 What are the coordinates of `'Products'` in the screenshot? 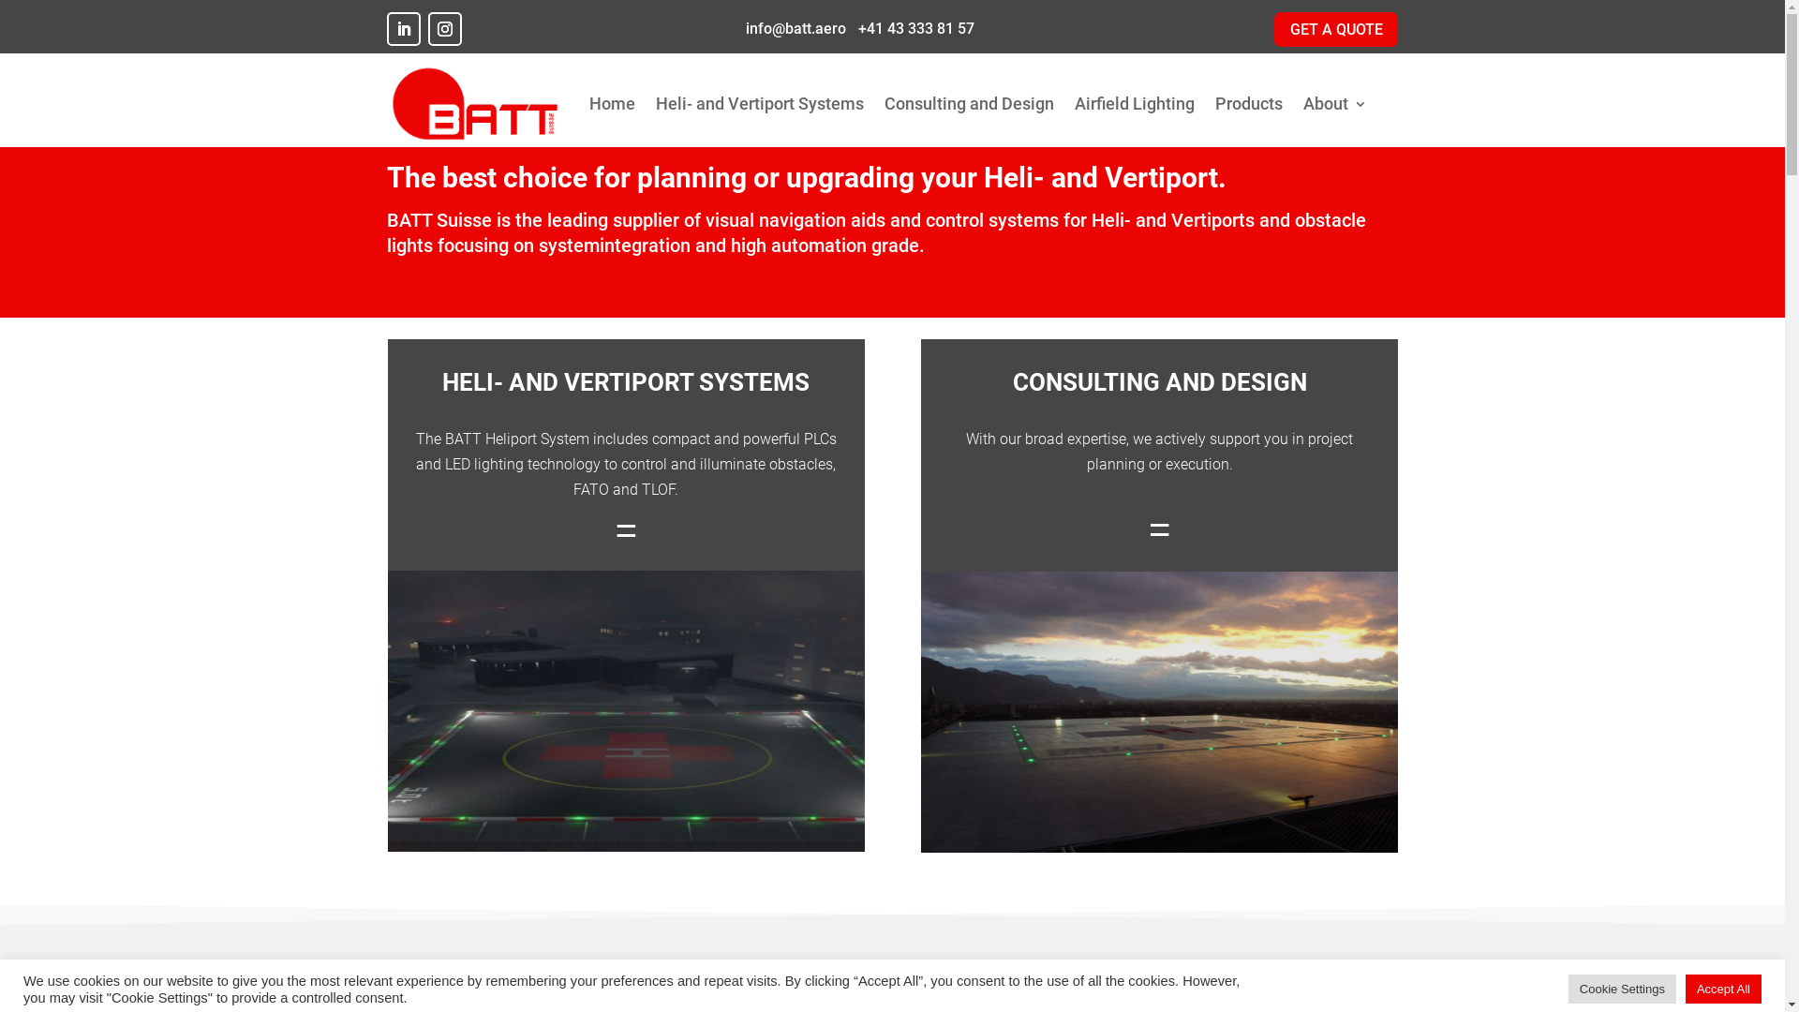 It's located at (1248, 104).